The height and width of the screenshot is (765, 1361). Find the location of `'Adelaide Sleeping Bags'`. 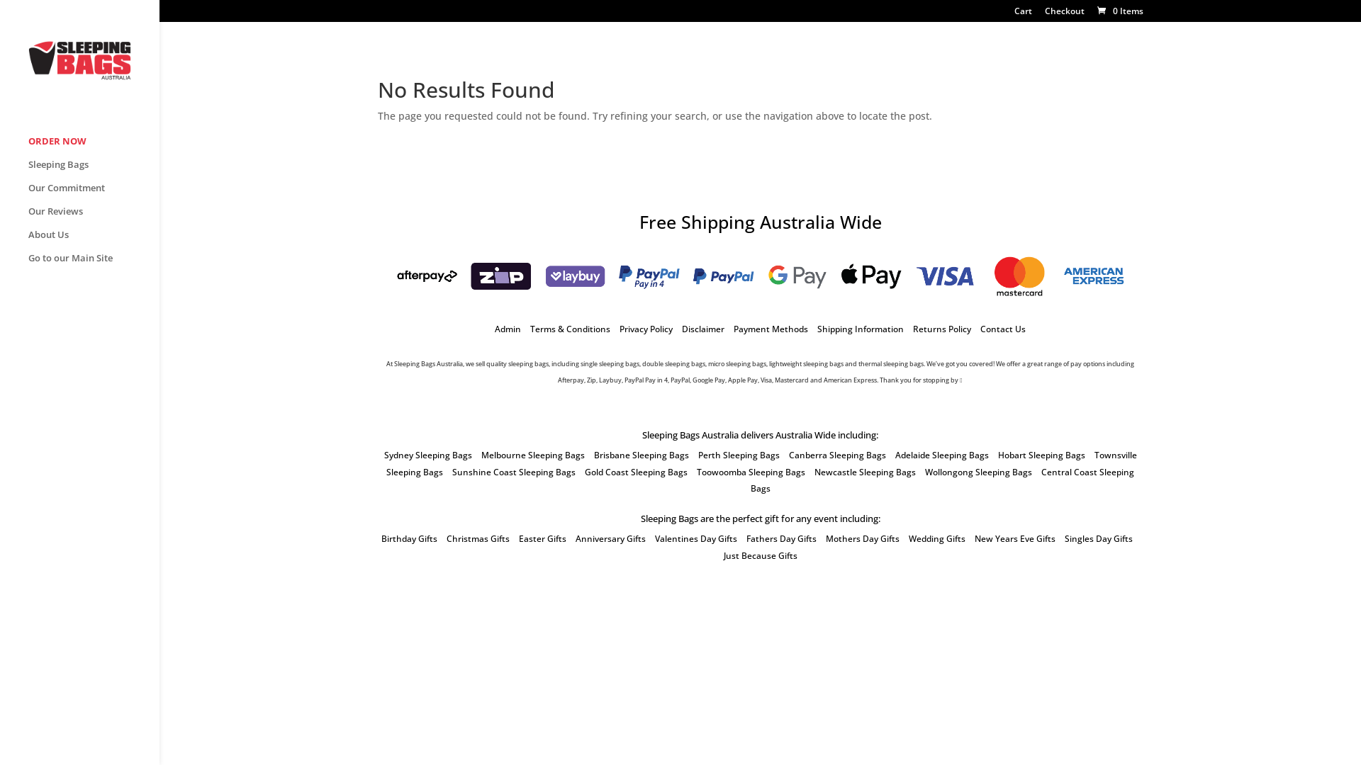

'Adelaide Sleeping Bags' is located at coordinates (941, 455).